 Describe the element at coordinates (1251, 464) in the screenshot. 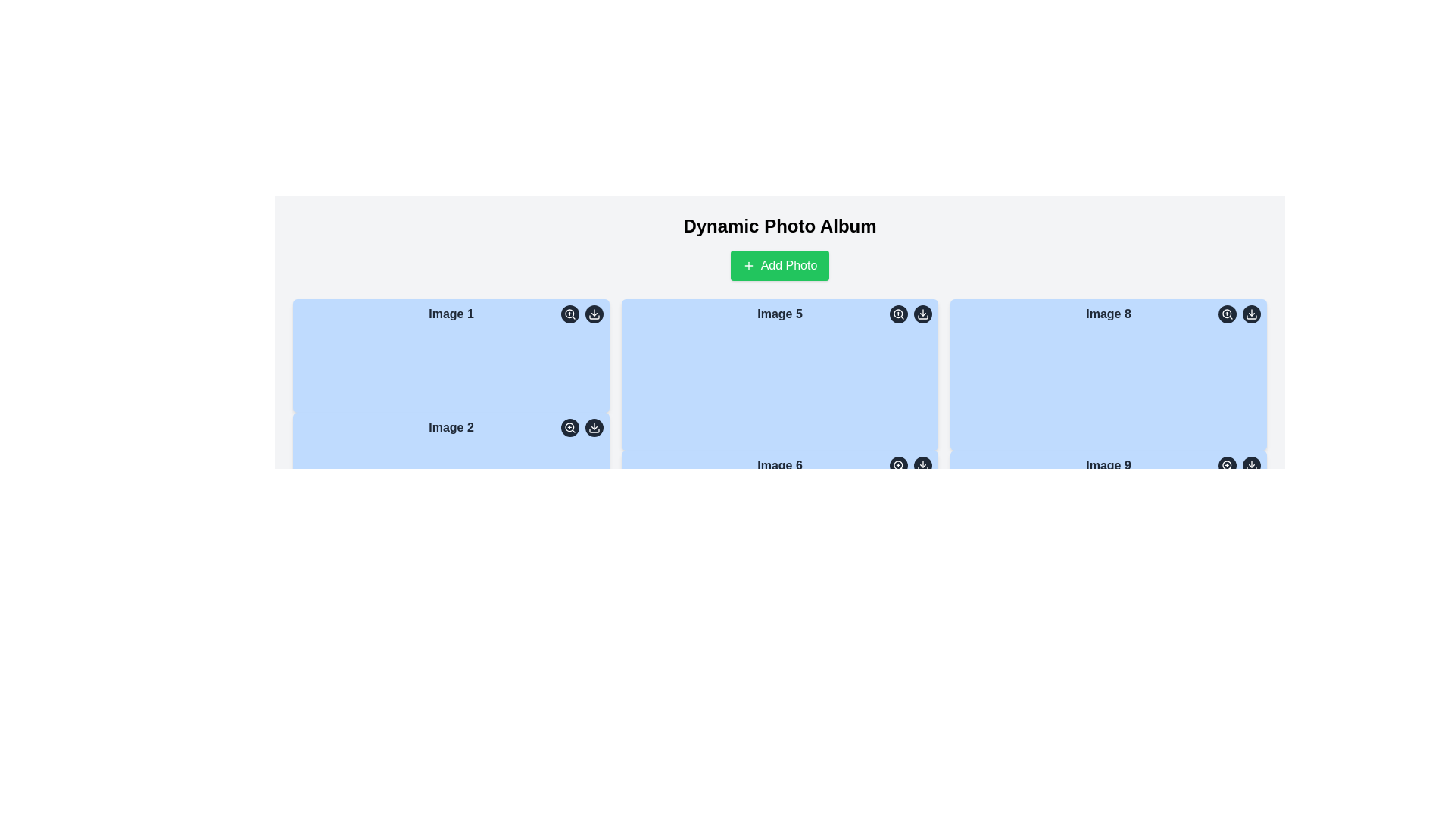

I see `the download button located at the top-right corner of the card labeled 'Image 9'` at that location.